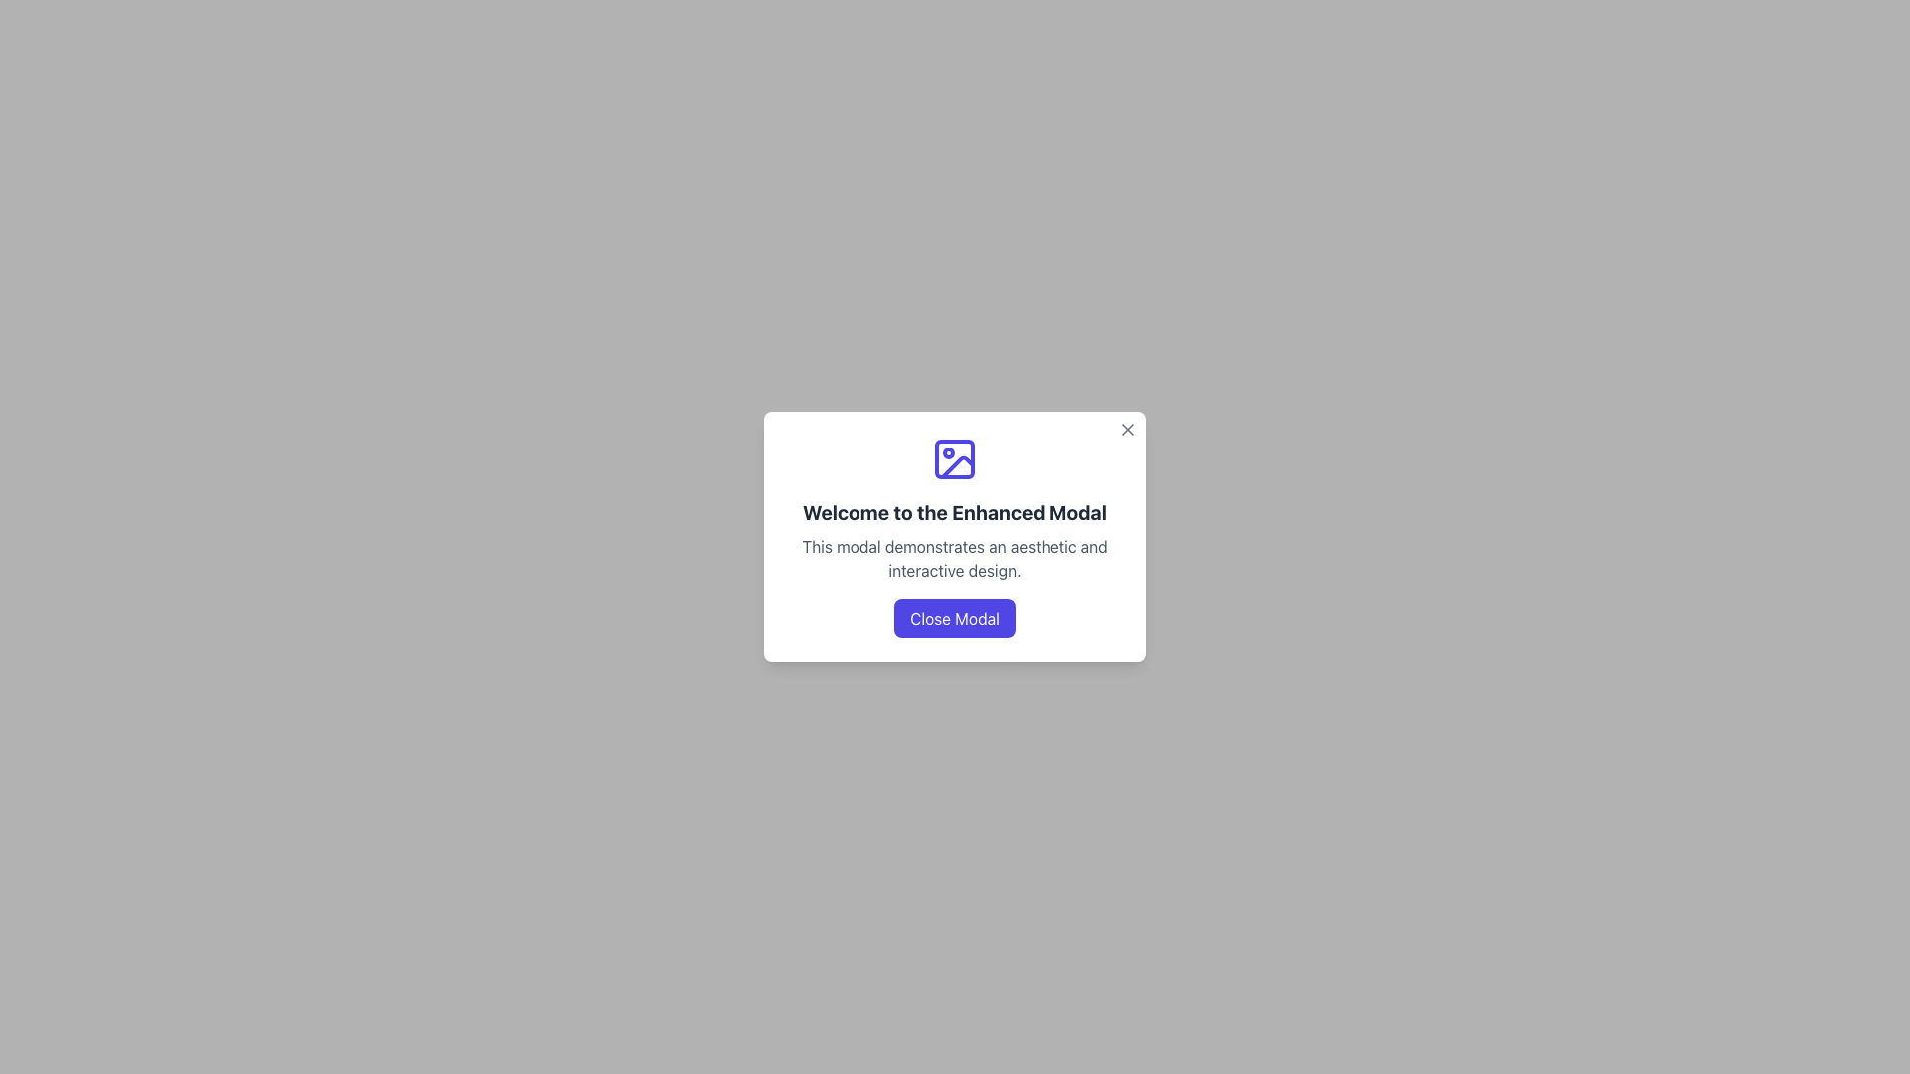  Describe the element at coordinates (955, 617) in the screenshot. I see `the close button located at the bottom center of the modal` at that location.